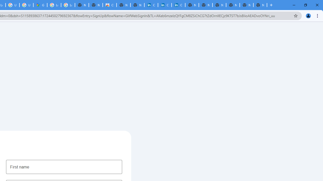 Image resolution: width=323 pixels, height=181 pixels. Describe the element at coordinates (151, 5) in the screenshot. I see `'Cookie Policy | LinkedIn'` at that location.